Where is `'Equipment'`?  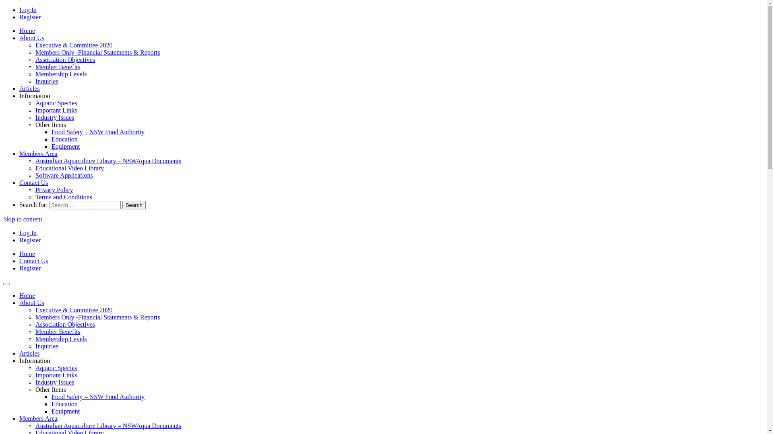 'Equipment' is located at coordinates (51, 146).